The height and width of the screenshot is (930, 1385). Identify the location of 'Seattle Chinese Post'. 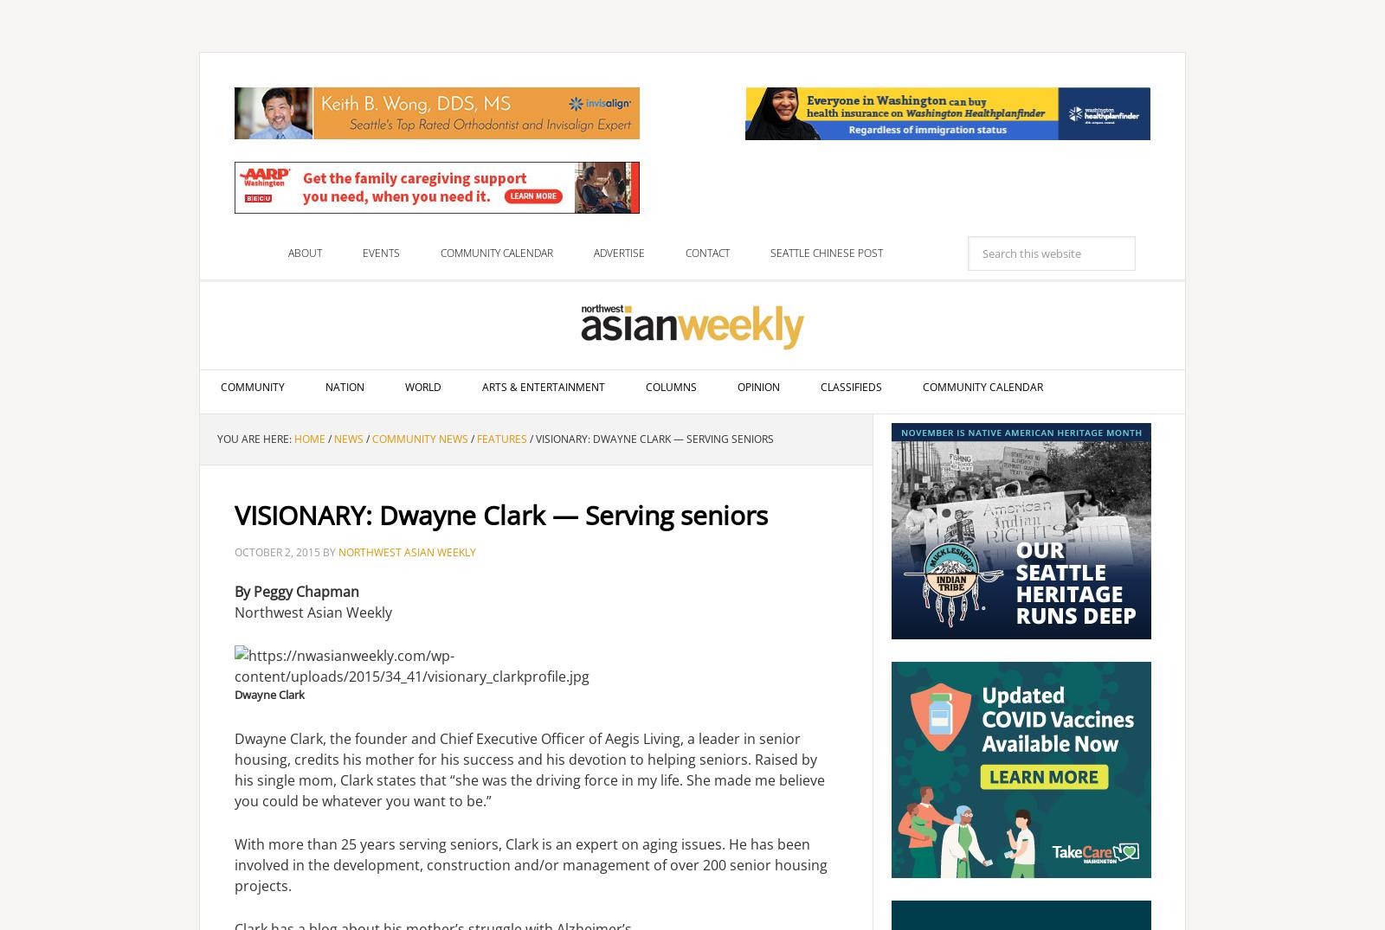
(826, 253).